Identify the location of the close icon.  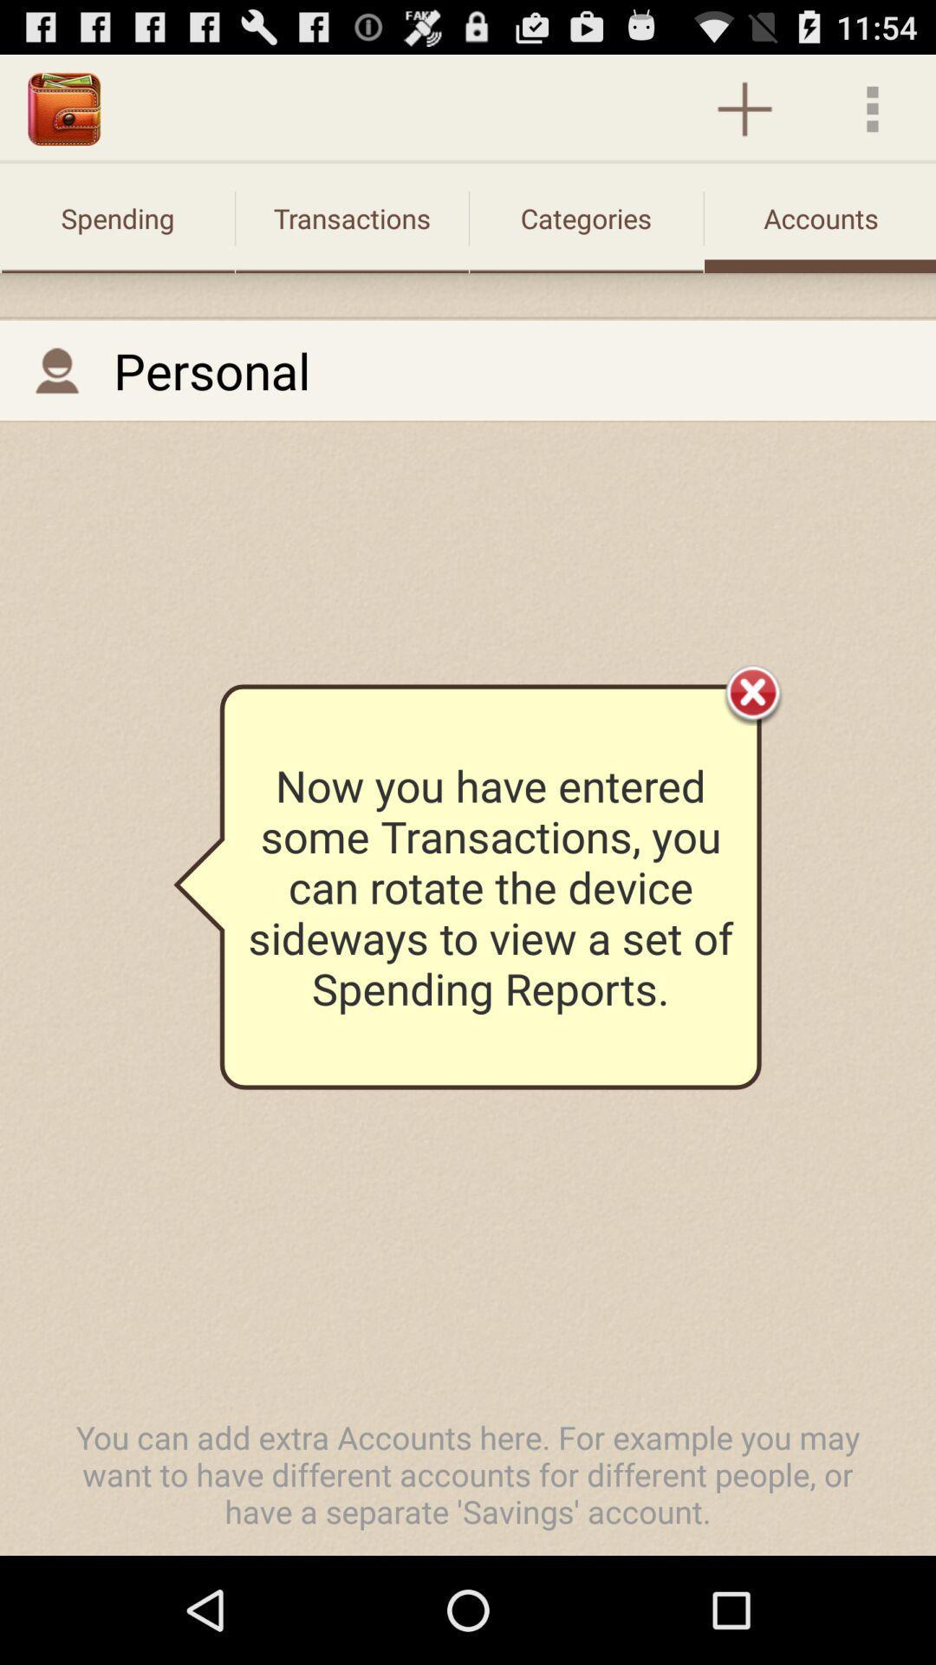
(752, 741).